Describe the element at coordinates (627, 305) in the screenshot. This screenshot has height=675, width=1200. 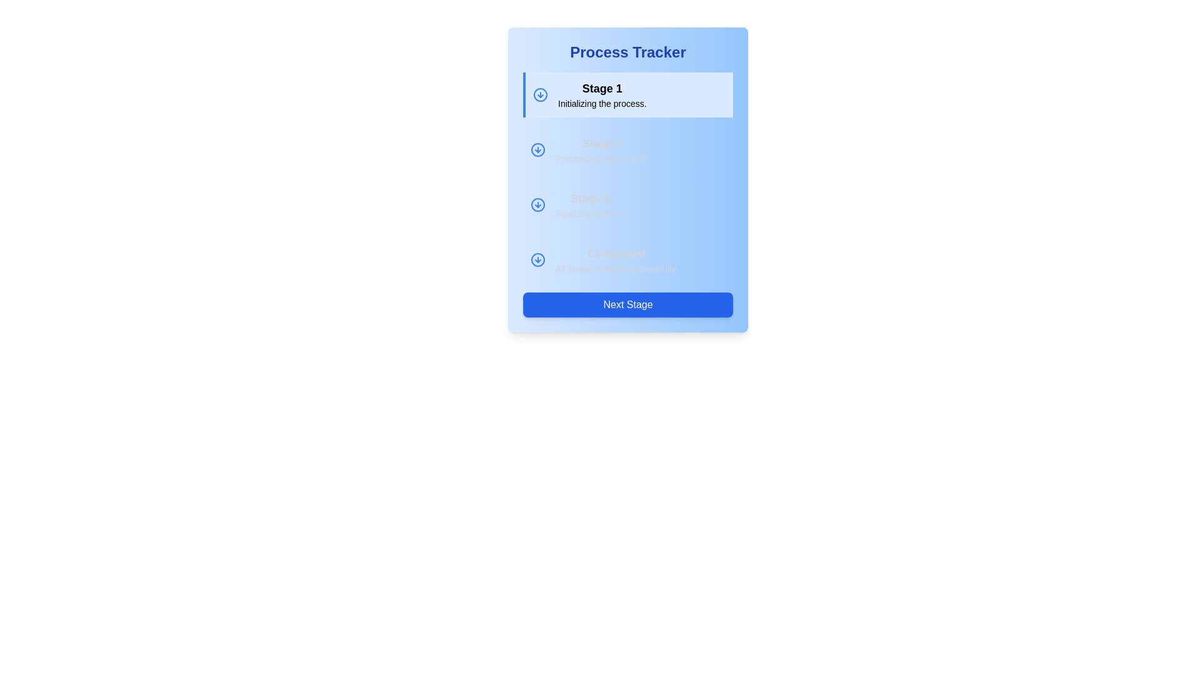
I see `the blue 'Next Stage' button with white text to trigger visual feedback` at that location.